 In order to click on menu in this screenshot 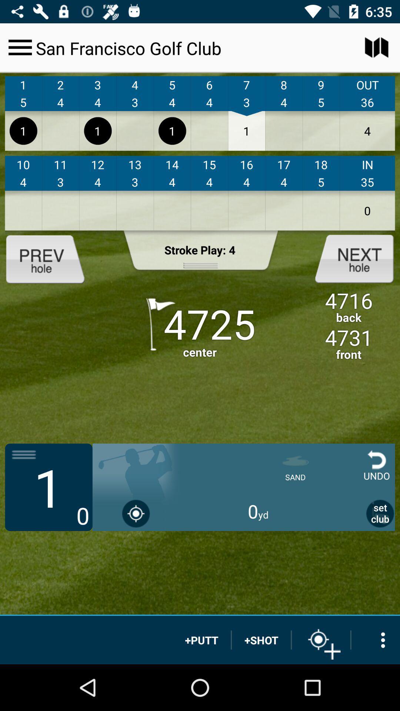, I will do `click(20, 47)`.